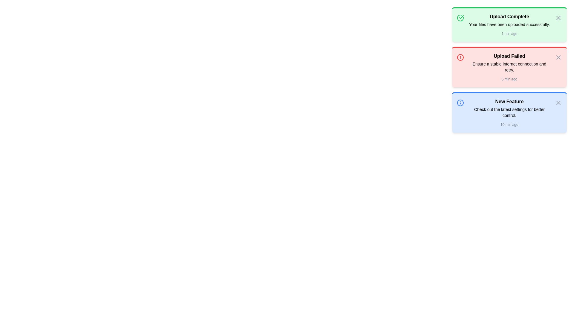 The height and width of the screenshot is (323, 574). I want to click on the close button represented by an X-shaped icon in the top-right corner of the 'Upload Complete' notification bar, so click(558, 18).